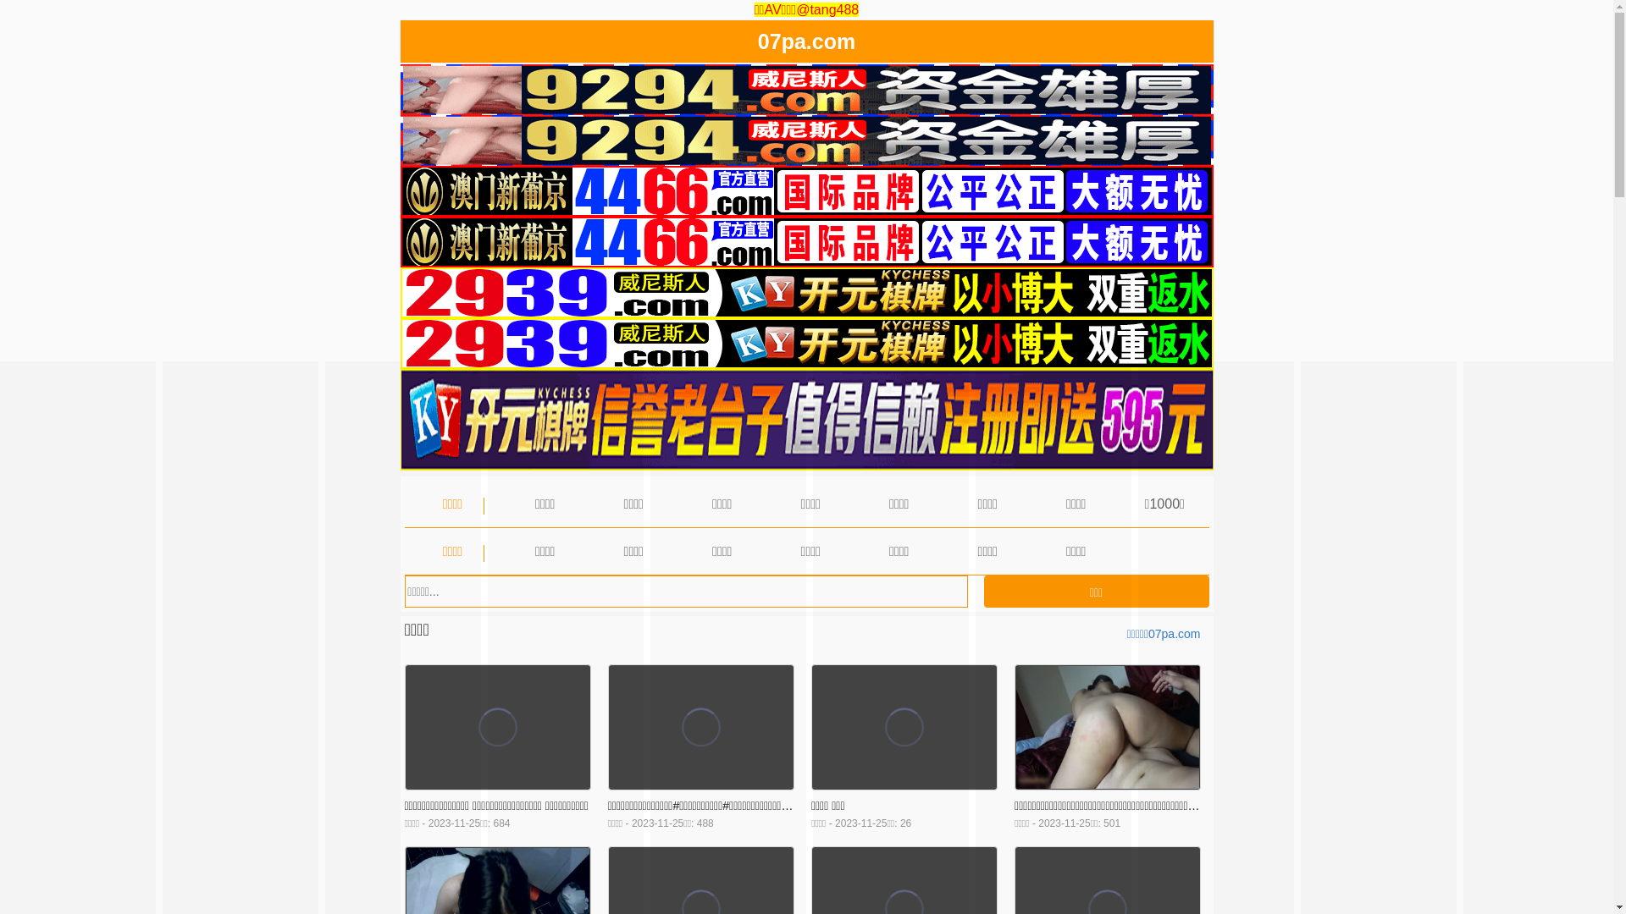 Image resolution: width=1626 pixels, height=914 pixels. I want to click on '07pa.com', so click(805, 44).